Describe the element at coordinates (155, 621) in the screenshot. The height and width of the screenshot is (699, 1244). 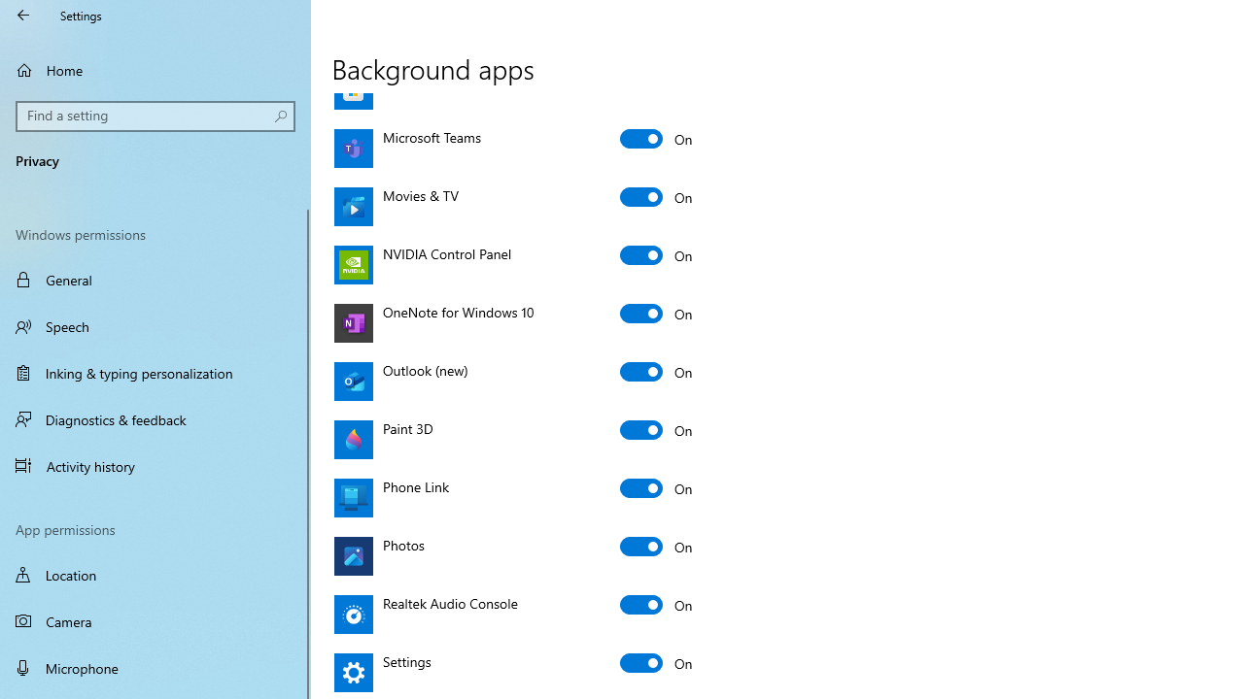
I see `'Camera'` at that location.